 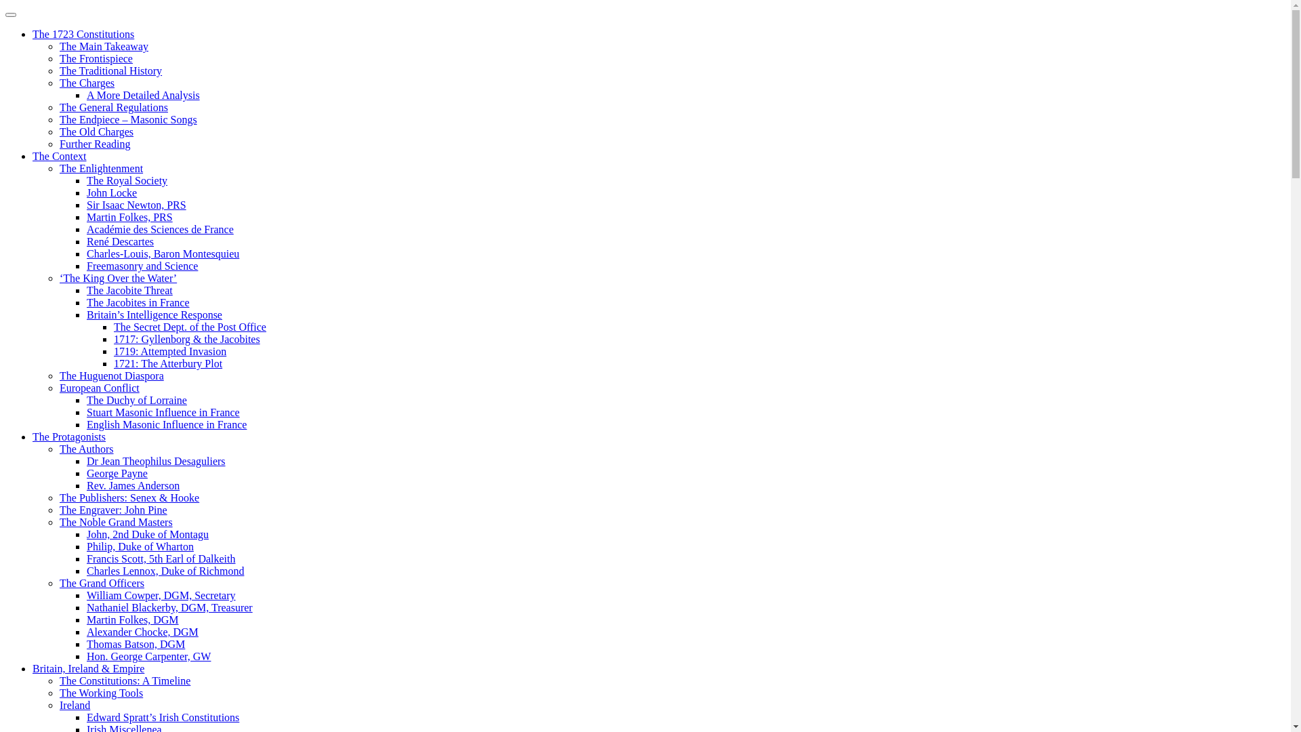 I want to click on 'Martin Folkes, DGM', so click(x=133, y=619).